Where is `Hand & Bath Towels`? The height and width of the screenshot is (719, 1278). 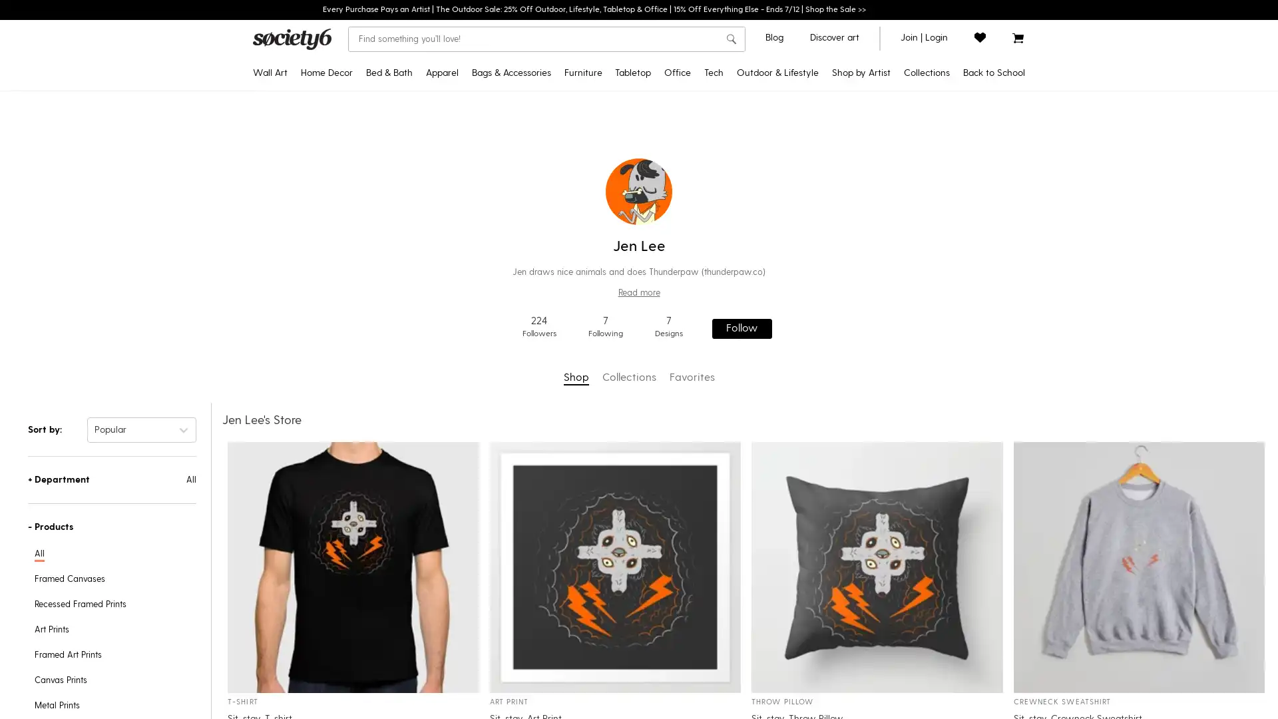
Hand & Bath Towels is located at coordinates (417, 213).